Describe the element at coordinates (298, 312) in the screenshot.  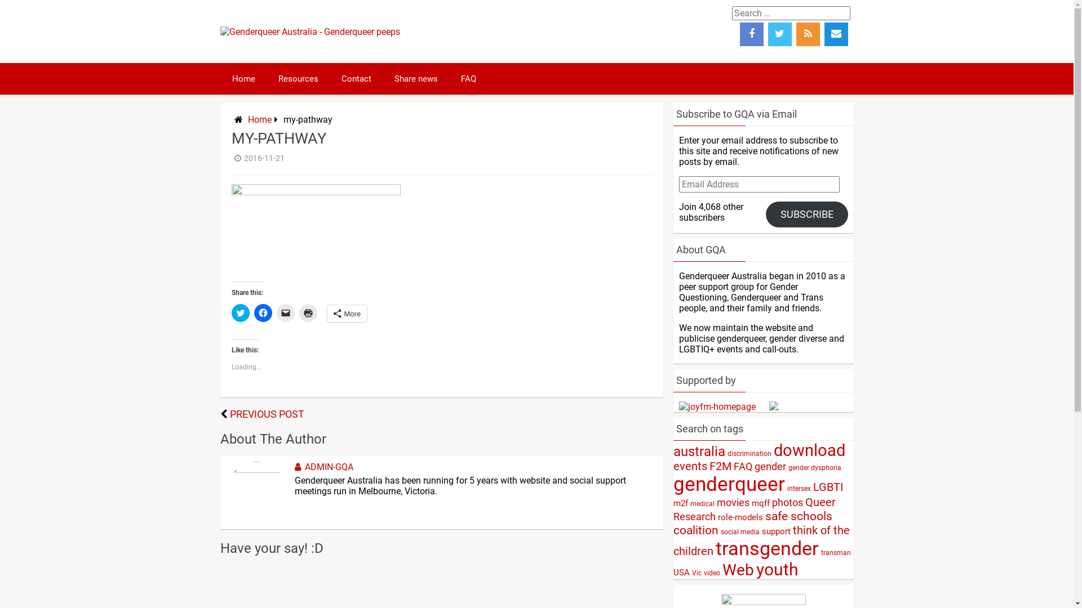
I see `'Click to print (Opens in new window)'` at that location.